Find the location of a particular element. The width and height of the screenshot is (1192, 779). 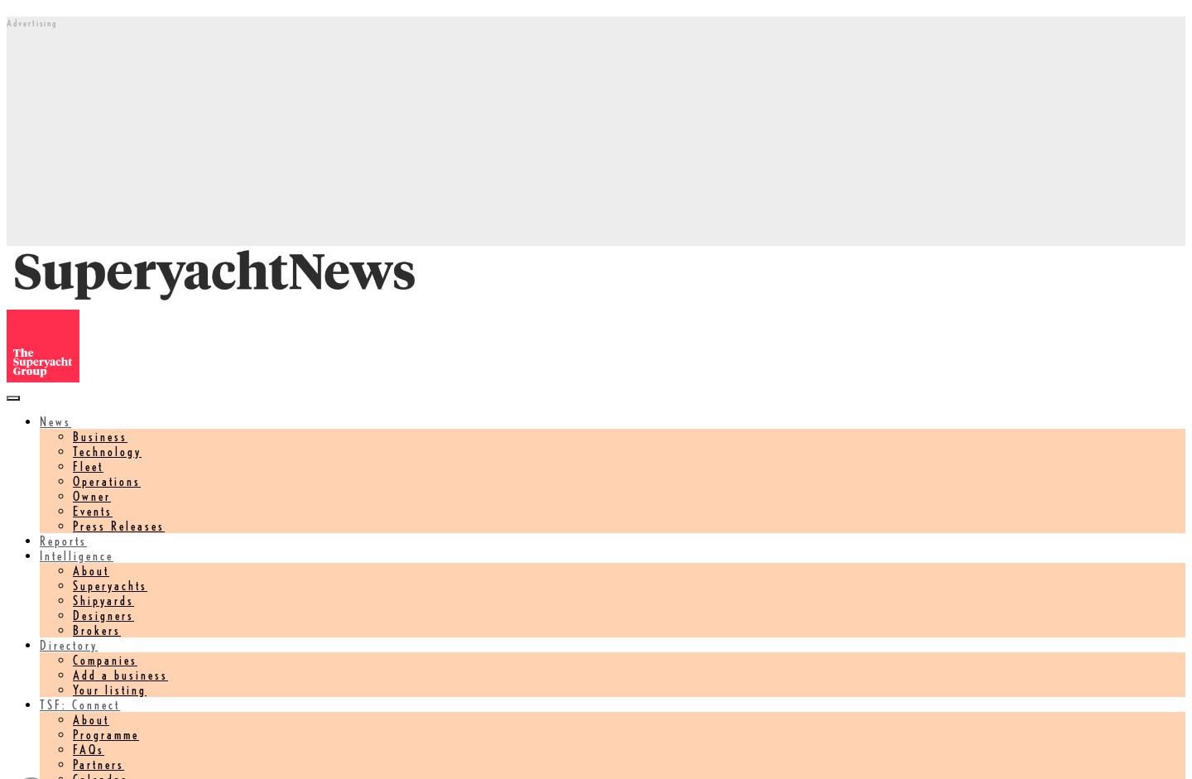

'Shipyards' is located at coordinates (102, 600).